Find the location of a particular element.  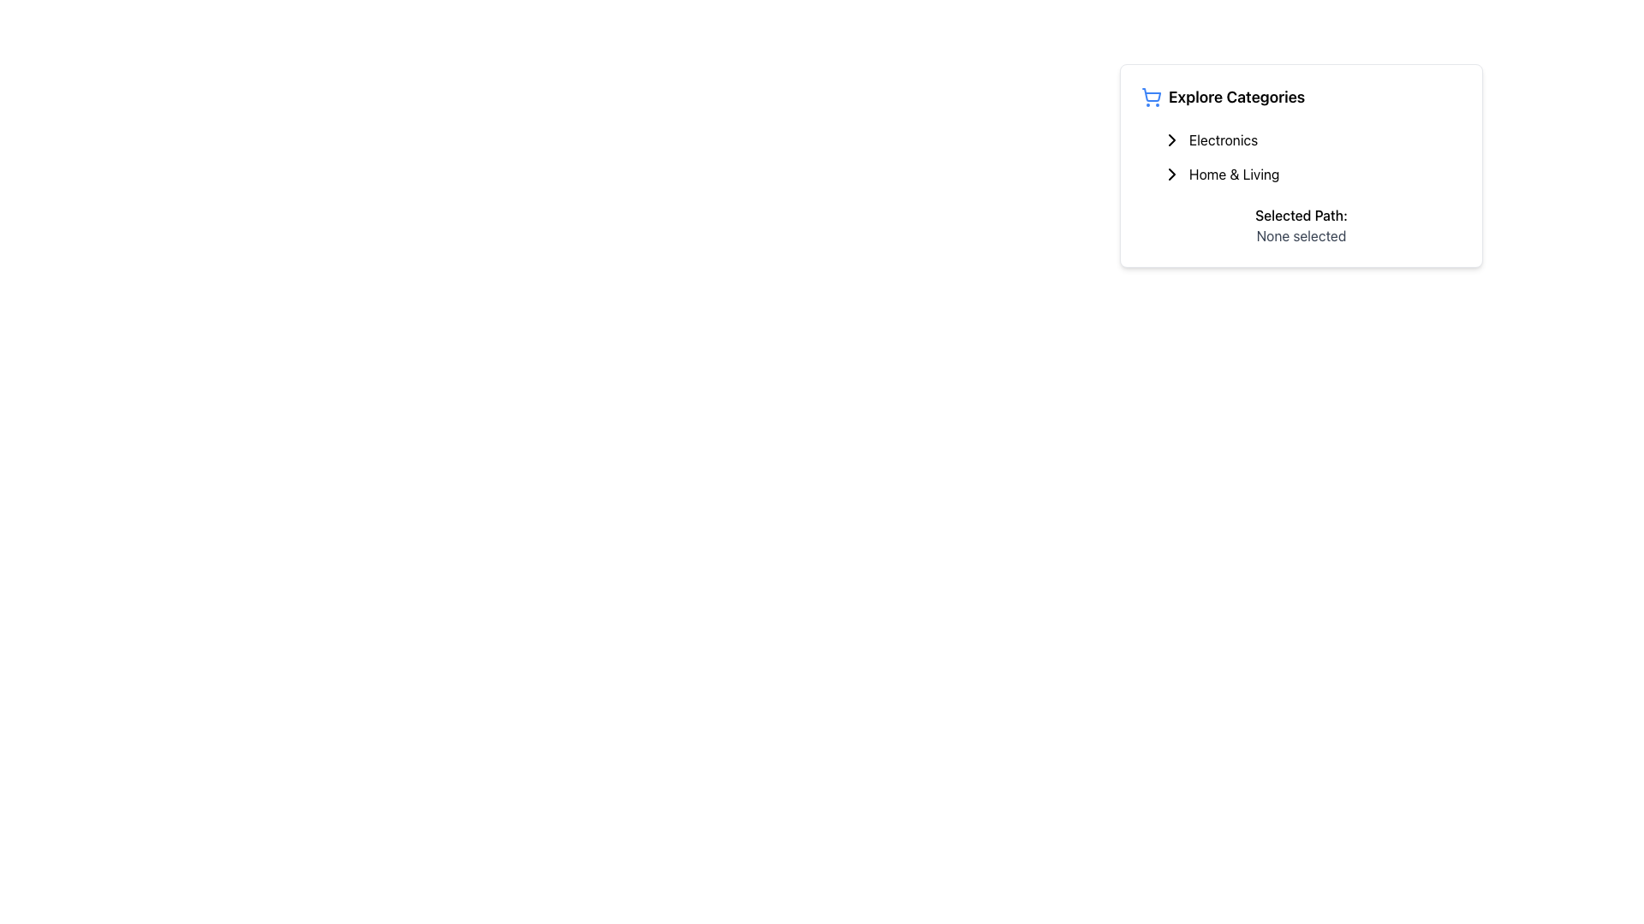

the blue outlined body of the shopping cart icon, which is the largest element within its SVG and centrally located is located at coordinates (1152, 95).